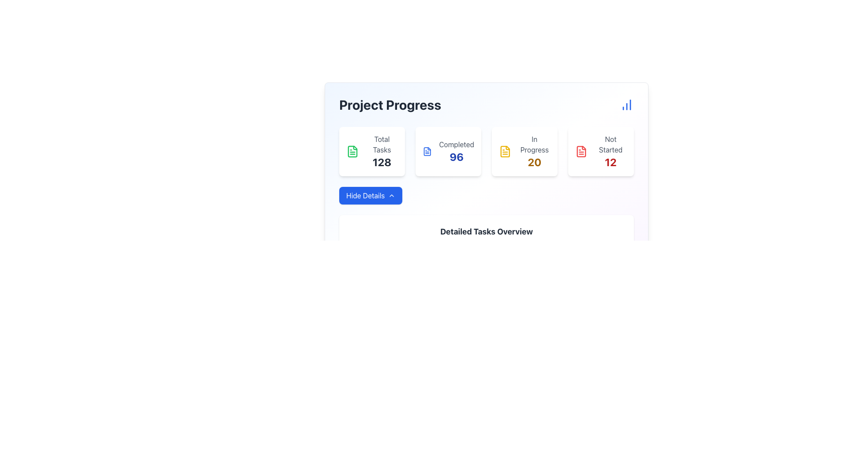  What do you see at coordinates (352, 151) in the screenshot?
I see `the green document icon located at the top-left corner of the 'Total Tasks' card` at bounding box center [352, 151].